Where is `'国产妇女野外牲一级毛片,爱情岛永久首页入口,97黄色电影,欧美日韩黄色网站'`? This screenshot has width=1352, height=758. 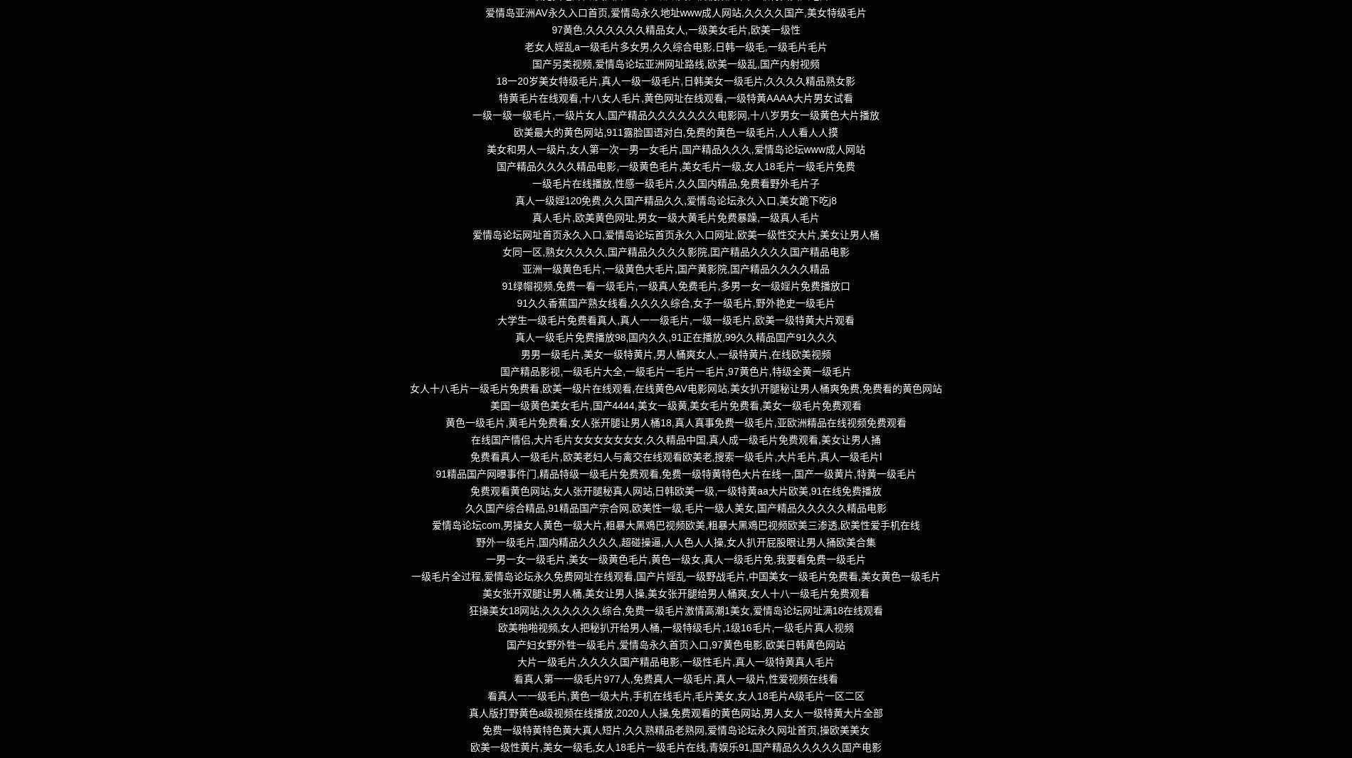
'国产妇女野外牲一级毛片,爱情岛永久首页入口,97黄色电影,欧美日韩黄色网站' is located at coordinates (675, 644).